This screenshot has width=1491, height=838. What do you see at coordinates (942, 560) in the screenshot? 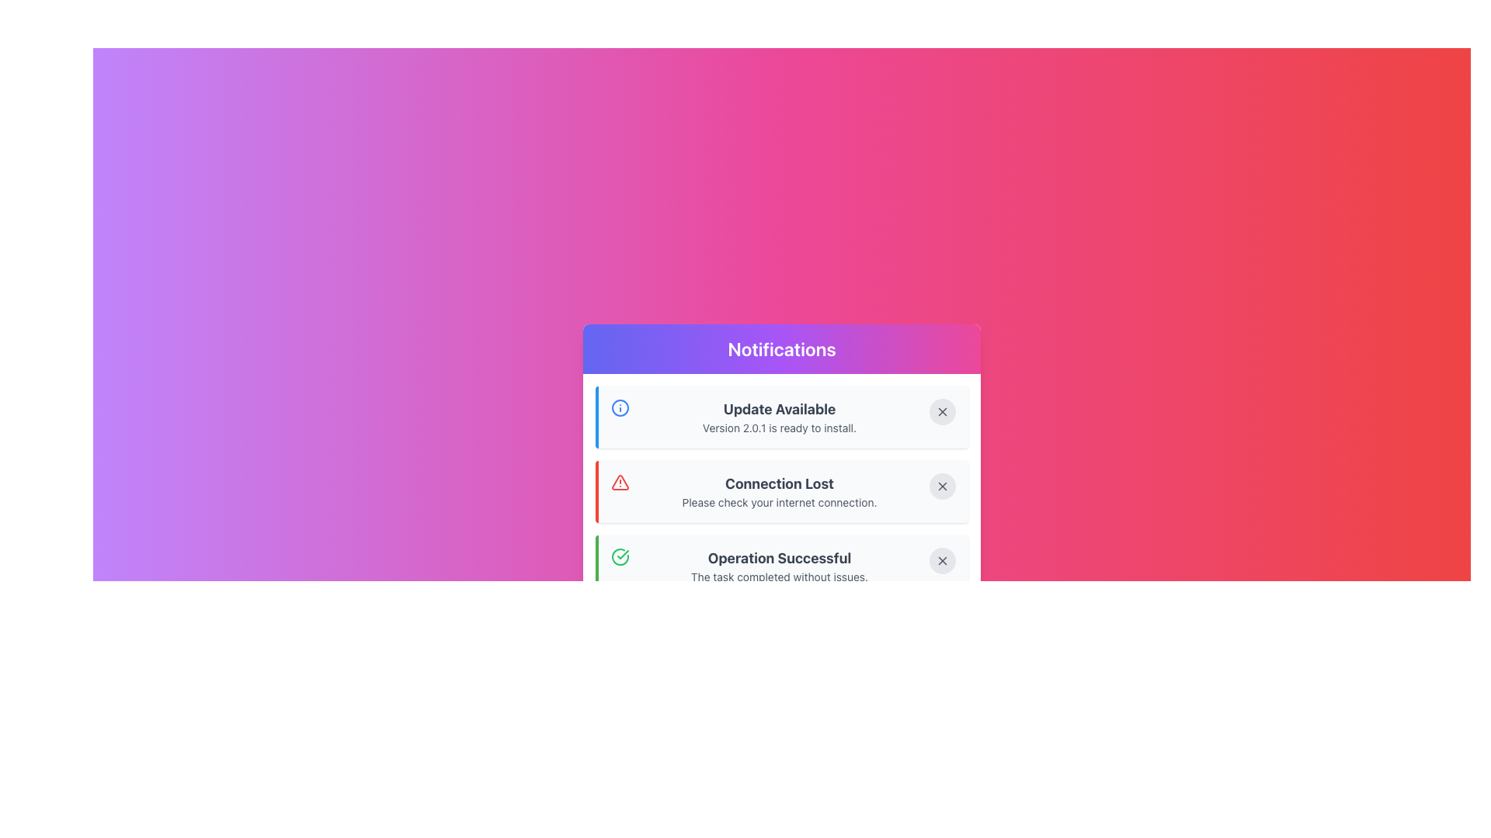
I see `the small 'X' icon button located at the top-right corner of the 'Operation Successful' notification card` at bounding box center [942, 560].